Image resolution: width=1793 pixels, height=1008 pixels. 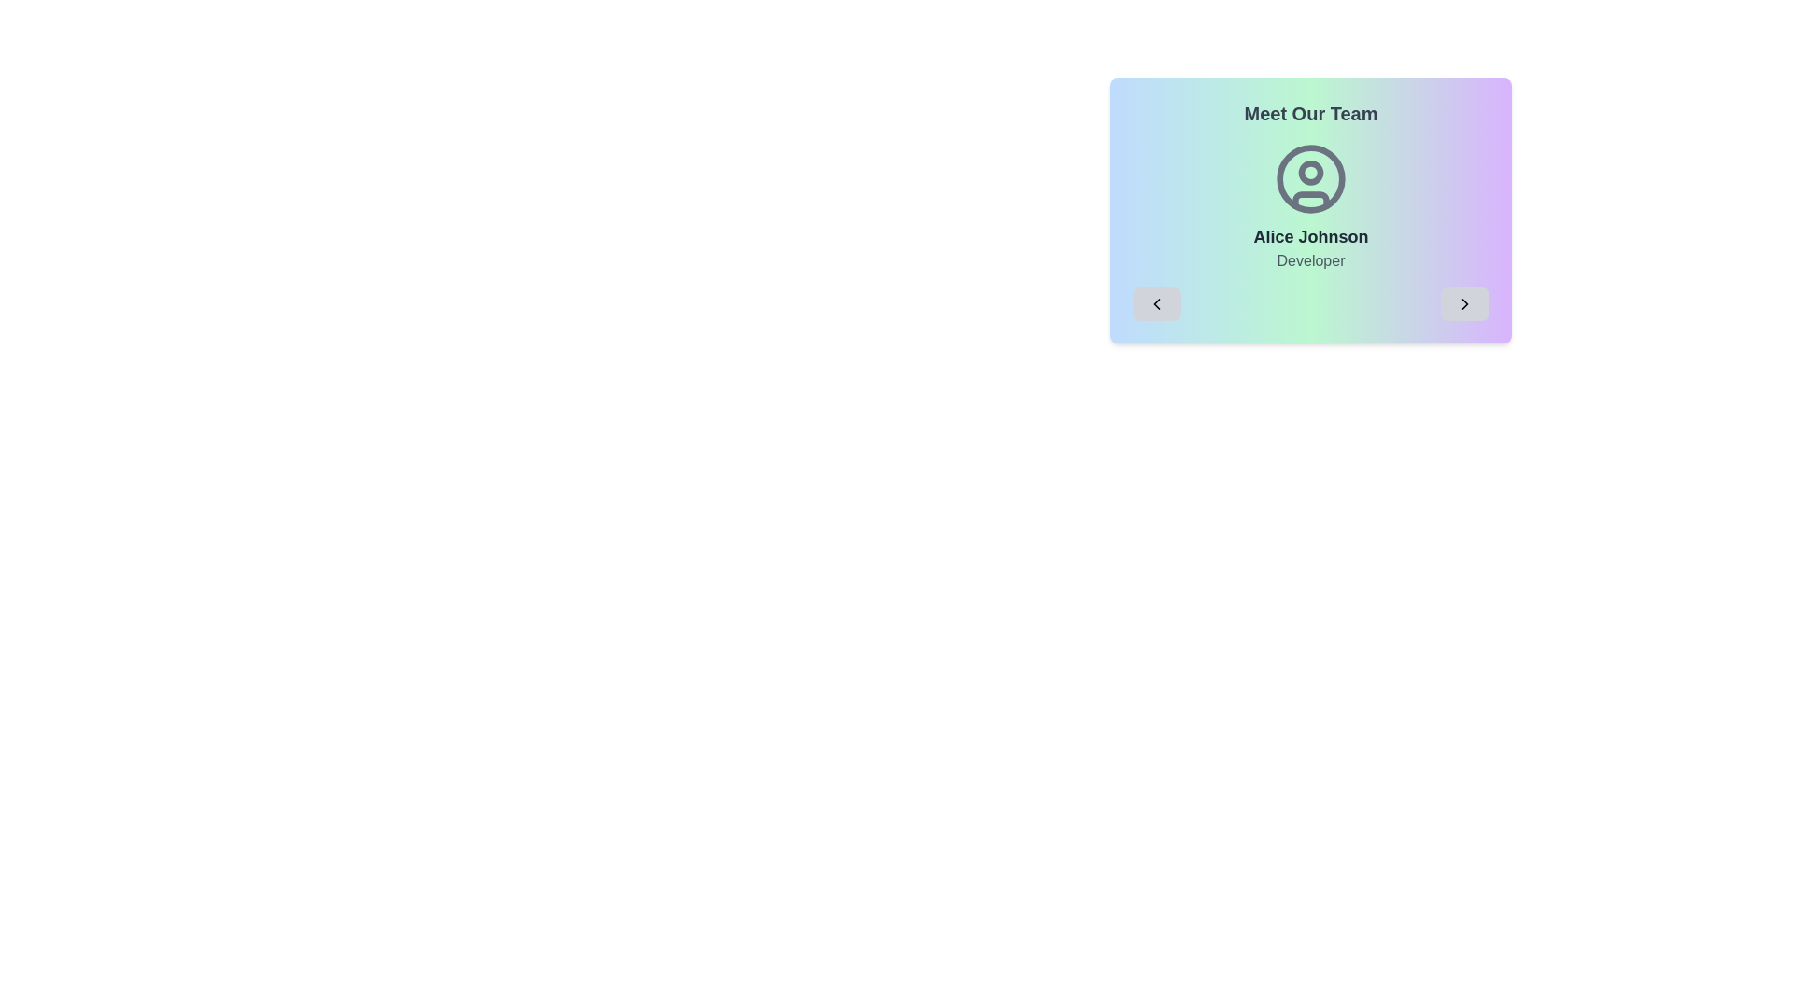 I want to click on the chevron icon located at the bottom-right corner of the card, which functions as a control for navigating to the next item in a carousel, so click(x=1464, y=303).